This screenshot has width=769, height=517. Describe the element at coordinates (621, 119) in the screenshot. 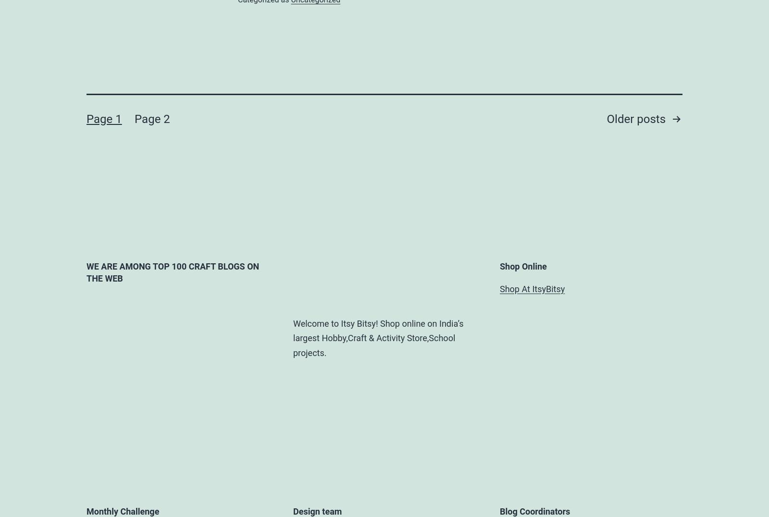

I see `'Older'` at that location.